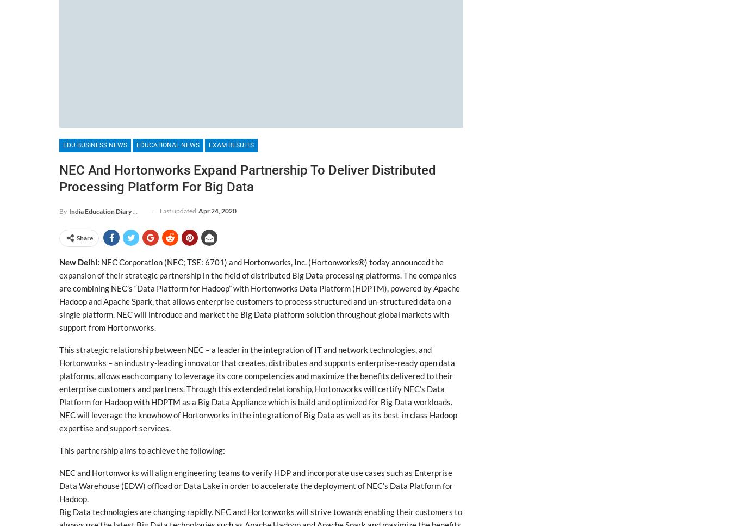 This screenshot has height=526, width=734. I want to click on 'Exam Results', so click(231, 144).